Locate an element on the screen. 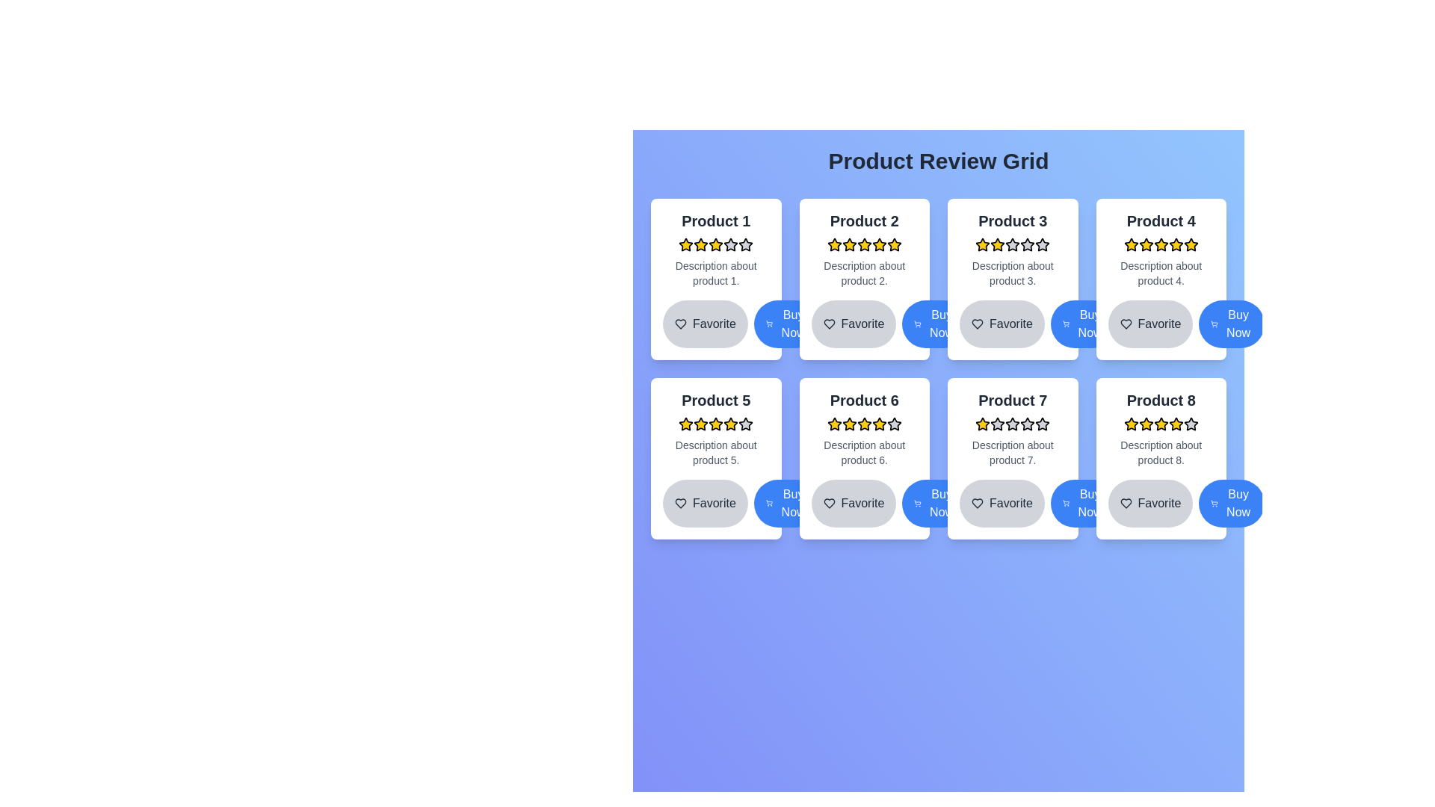 Image resolution: width=1435 pixels, height=807 pixels. the first star icon in the fourth row of the rating stars under the card labeled 'Product 8' to visually represent a single unit of a rating scale is located at coordinates (1131, 424).